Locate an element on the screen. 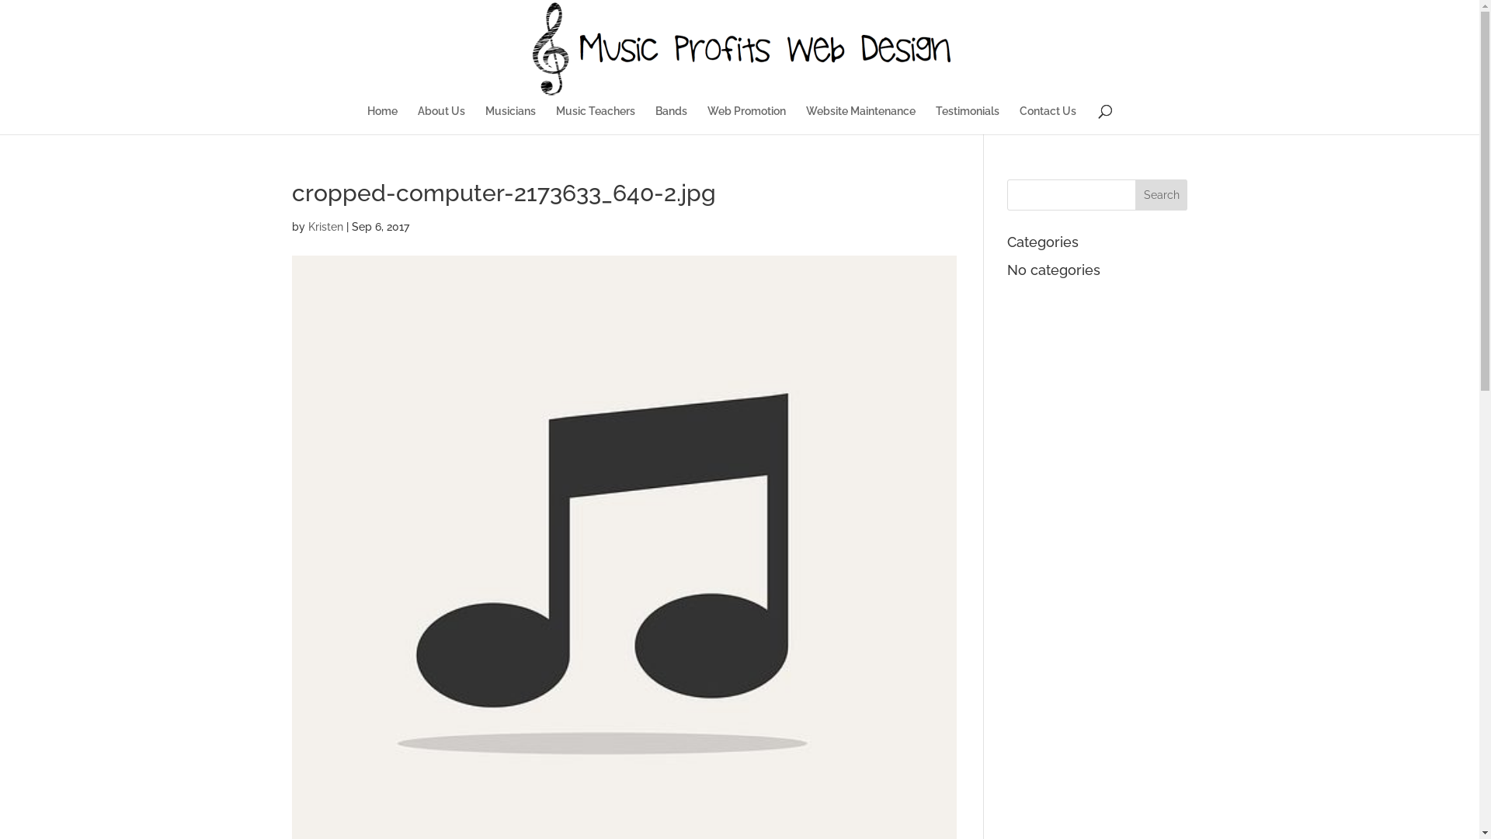  'Web Promotion' is located at coordinates (707, 119).